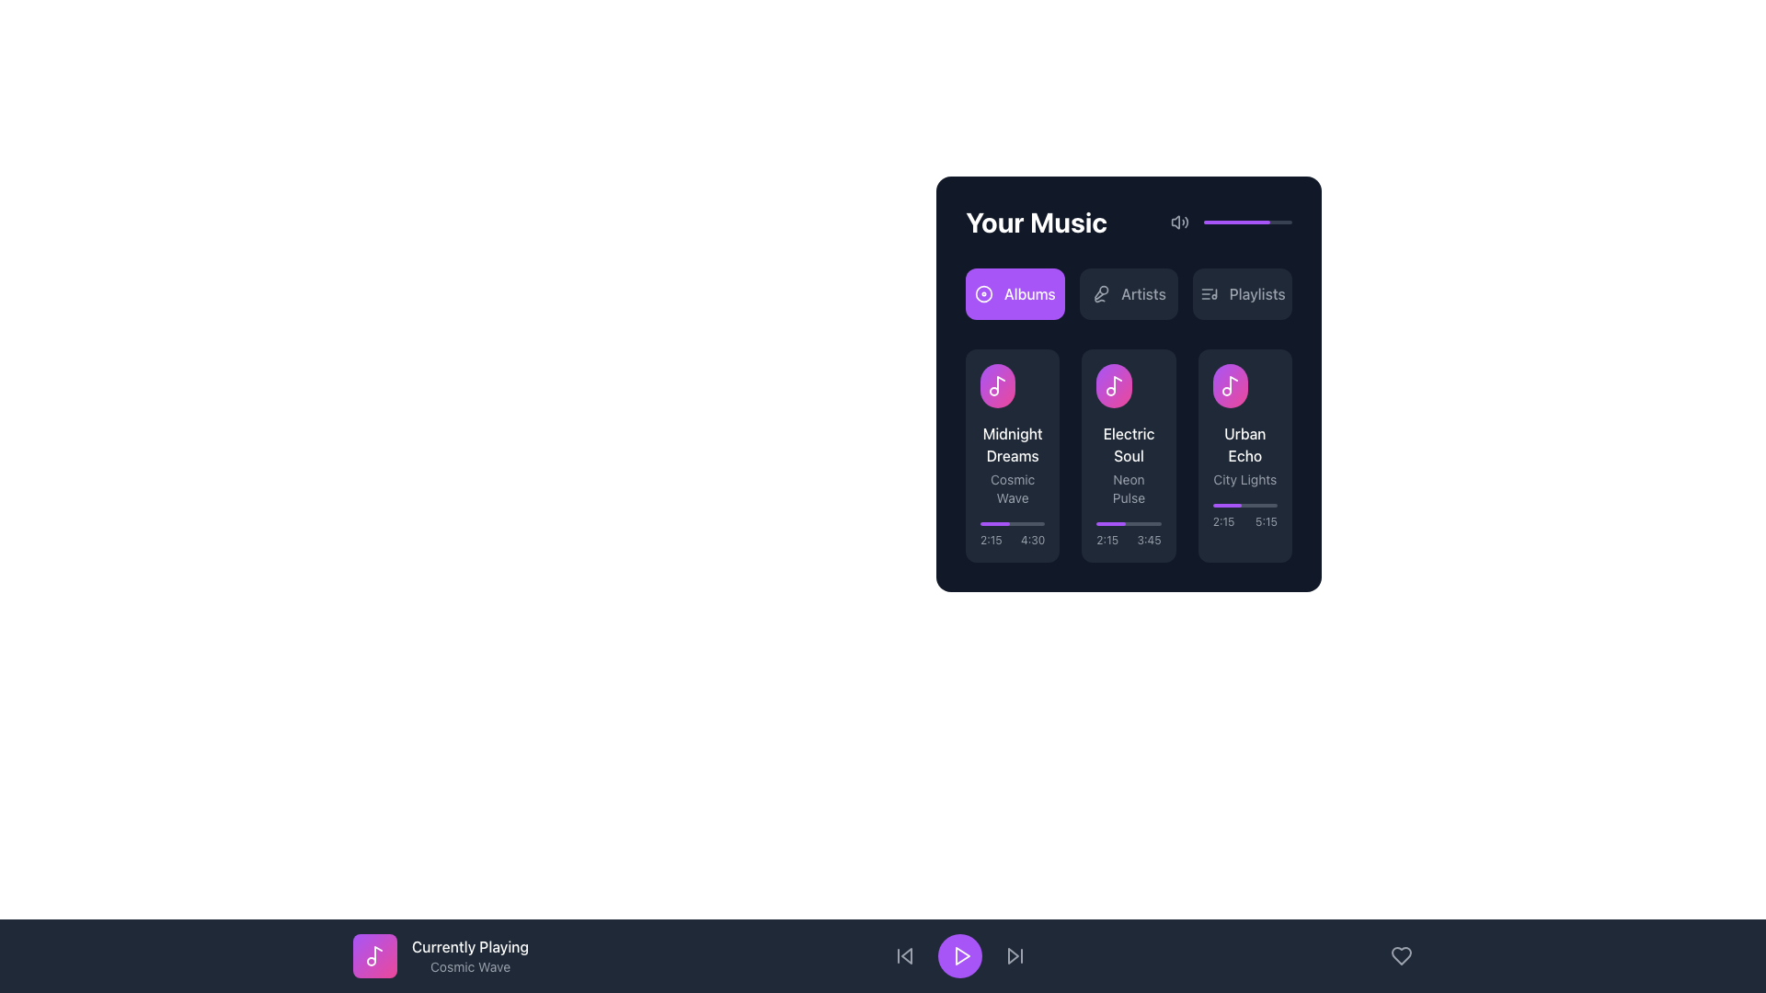  I want to click on the 'Cosmic Wave' text label located in the 'Currently Playing' section at the bottom of the interface, so click(470, 966).